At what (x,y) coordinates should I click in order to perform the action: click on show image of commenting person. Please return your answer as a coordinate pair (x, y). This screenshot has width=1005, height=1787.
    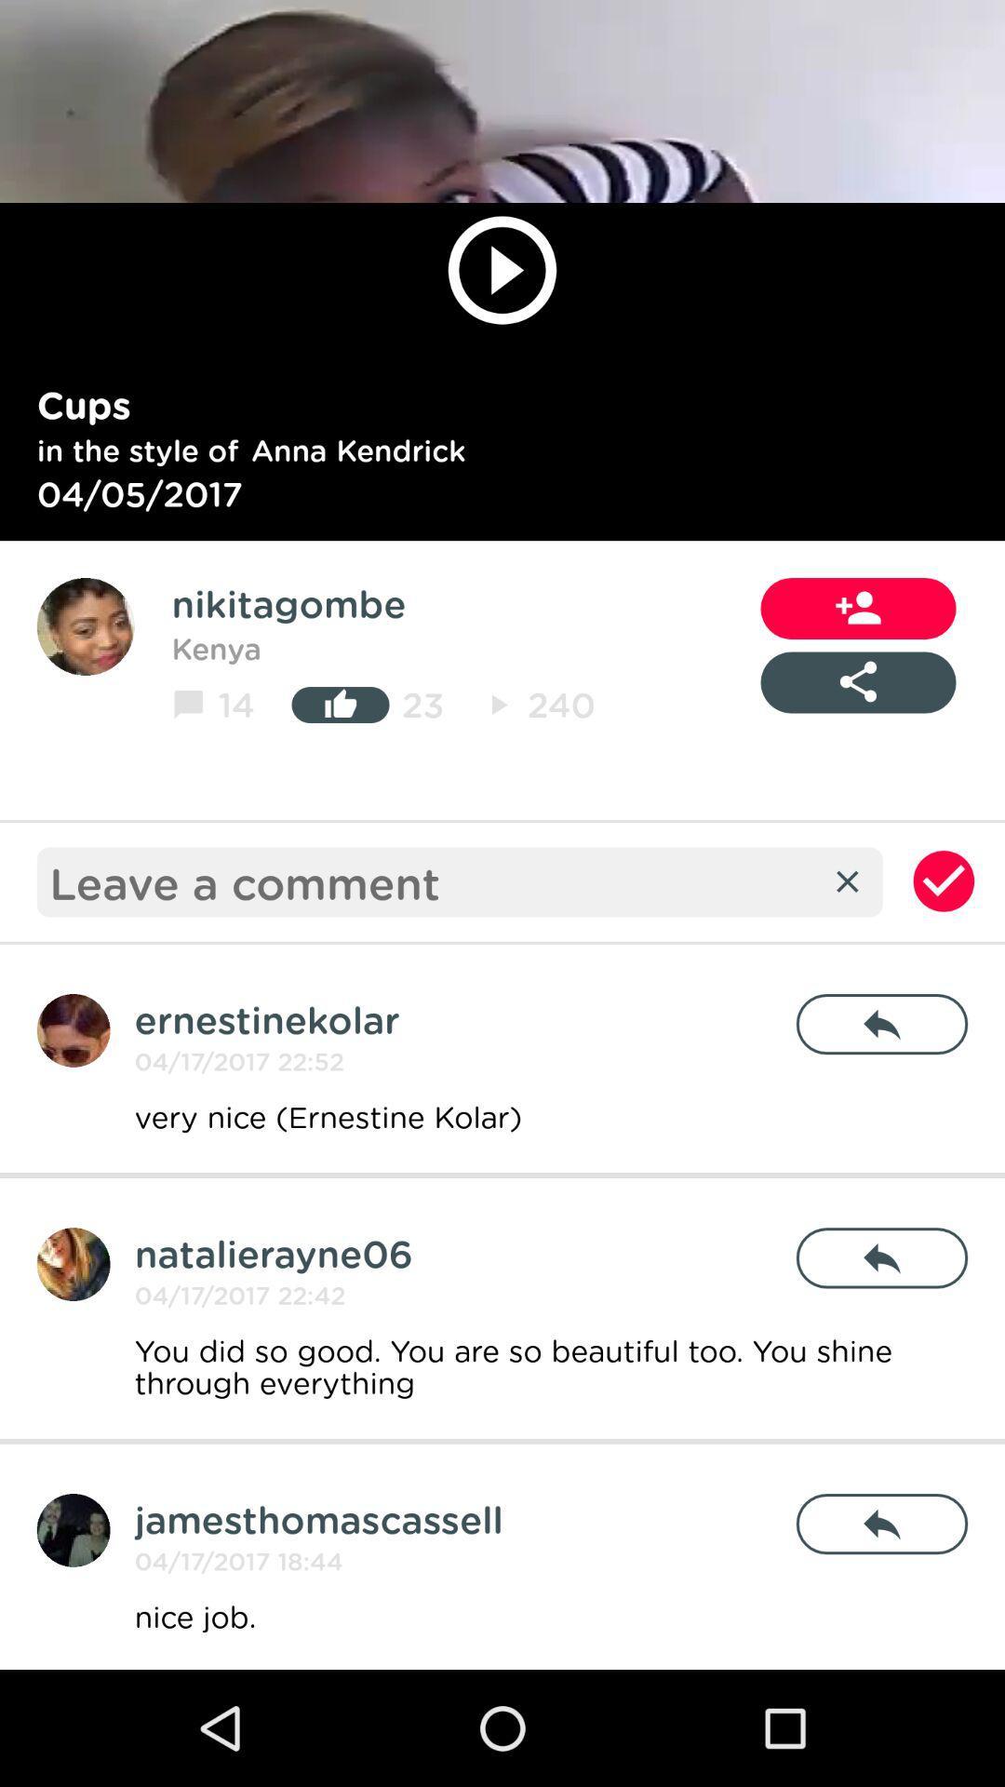
    Looking at the image, I should click on (73, 1530).